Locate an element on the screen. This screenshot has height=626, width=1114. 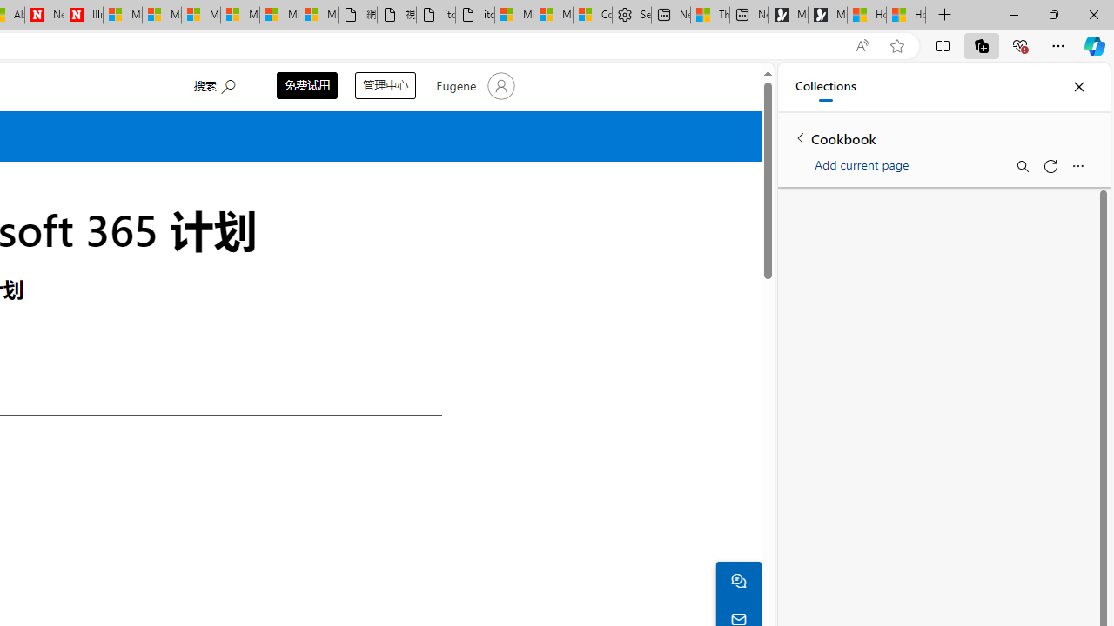
'Newsweek - News, Analysis, Politics, Business, Technology' is located at coordinates (44, 15).